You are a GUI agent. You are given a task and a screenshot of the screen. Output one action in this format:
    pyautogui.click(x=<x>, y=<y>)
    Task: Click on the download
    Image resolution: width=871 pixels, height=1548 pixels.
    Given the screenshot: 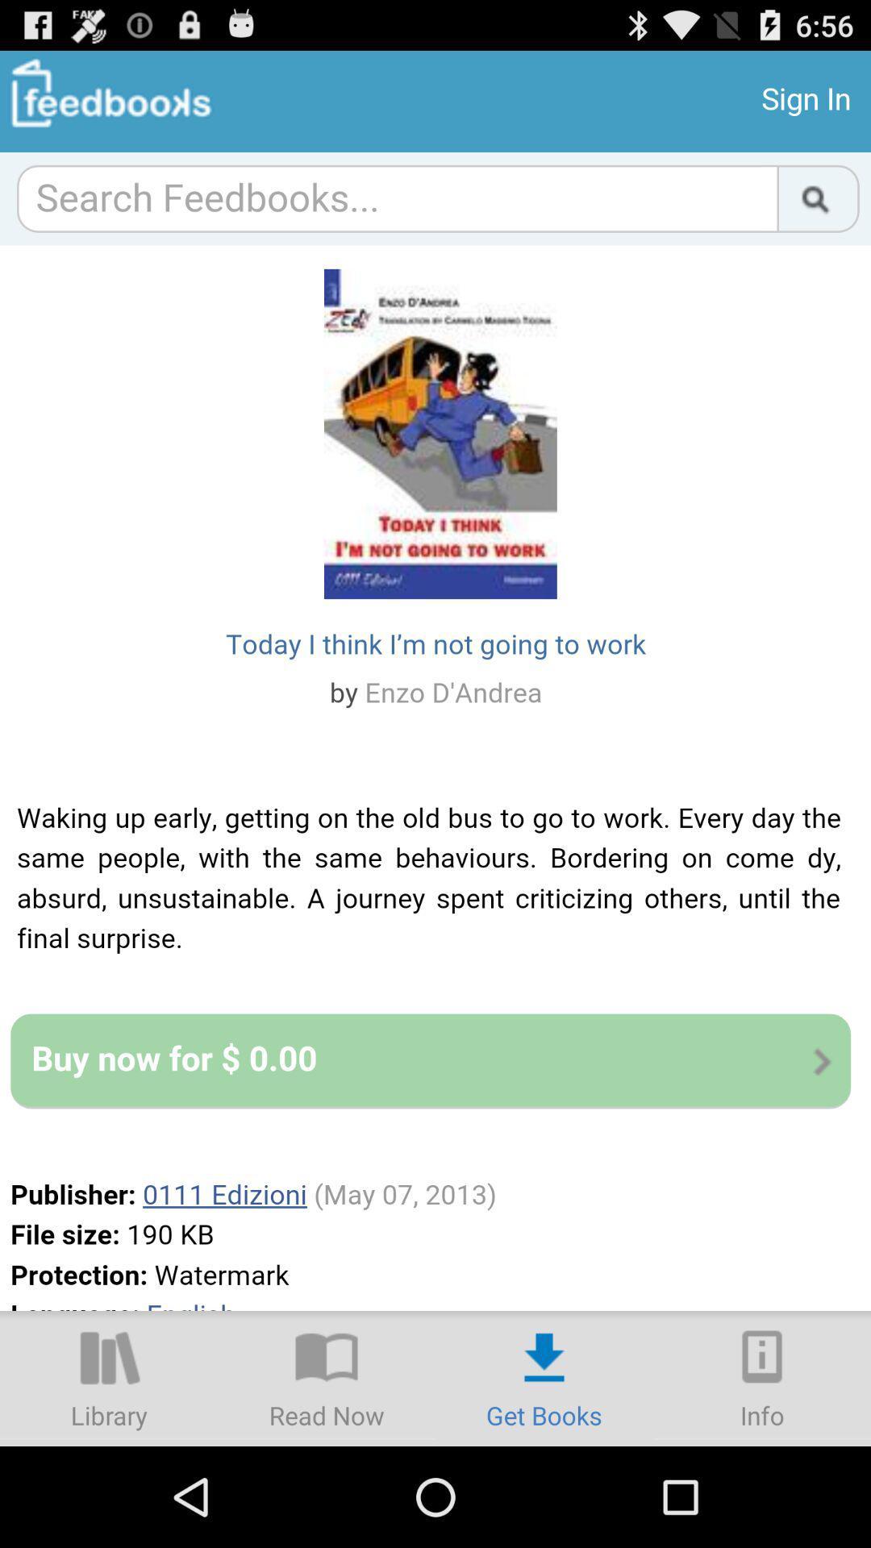 What is the action you would take?
    pyautogui.click(x=544, y=1377)
    